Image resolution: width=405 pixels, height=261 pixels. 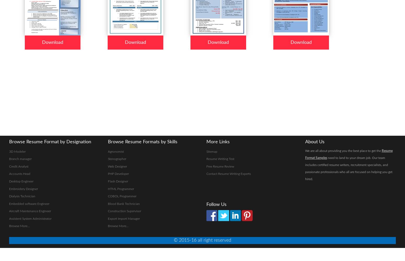 What do you see at coordinates (348, 168) in the screenshot?
I see `'need to land to your dream job. Our team includes certified resume writers, recruitment specialists, and passionate professionals who all are focused on helping you get hired.'` at bounding box center [348, 168].